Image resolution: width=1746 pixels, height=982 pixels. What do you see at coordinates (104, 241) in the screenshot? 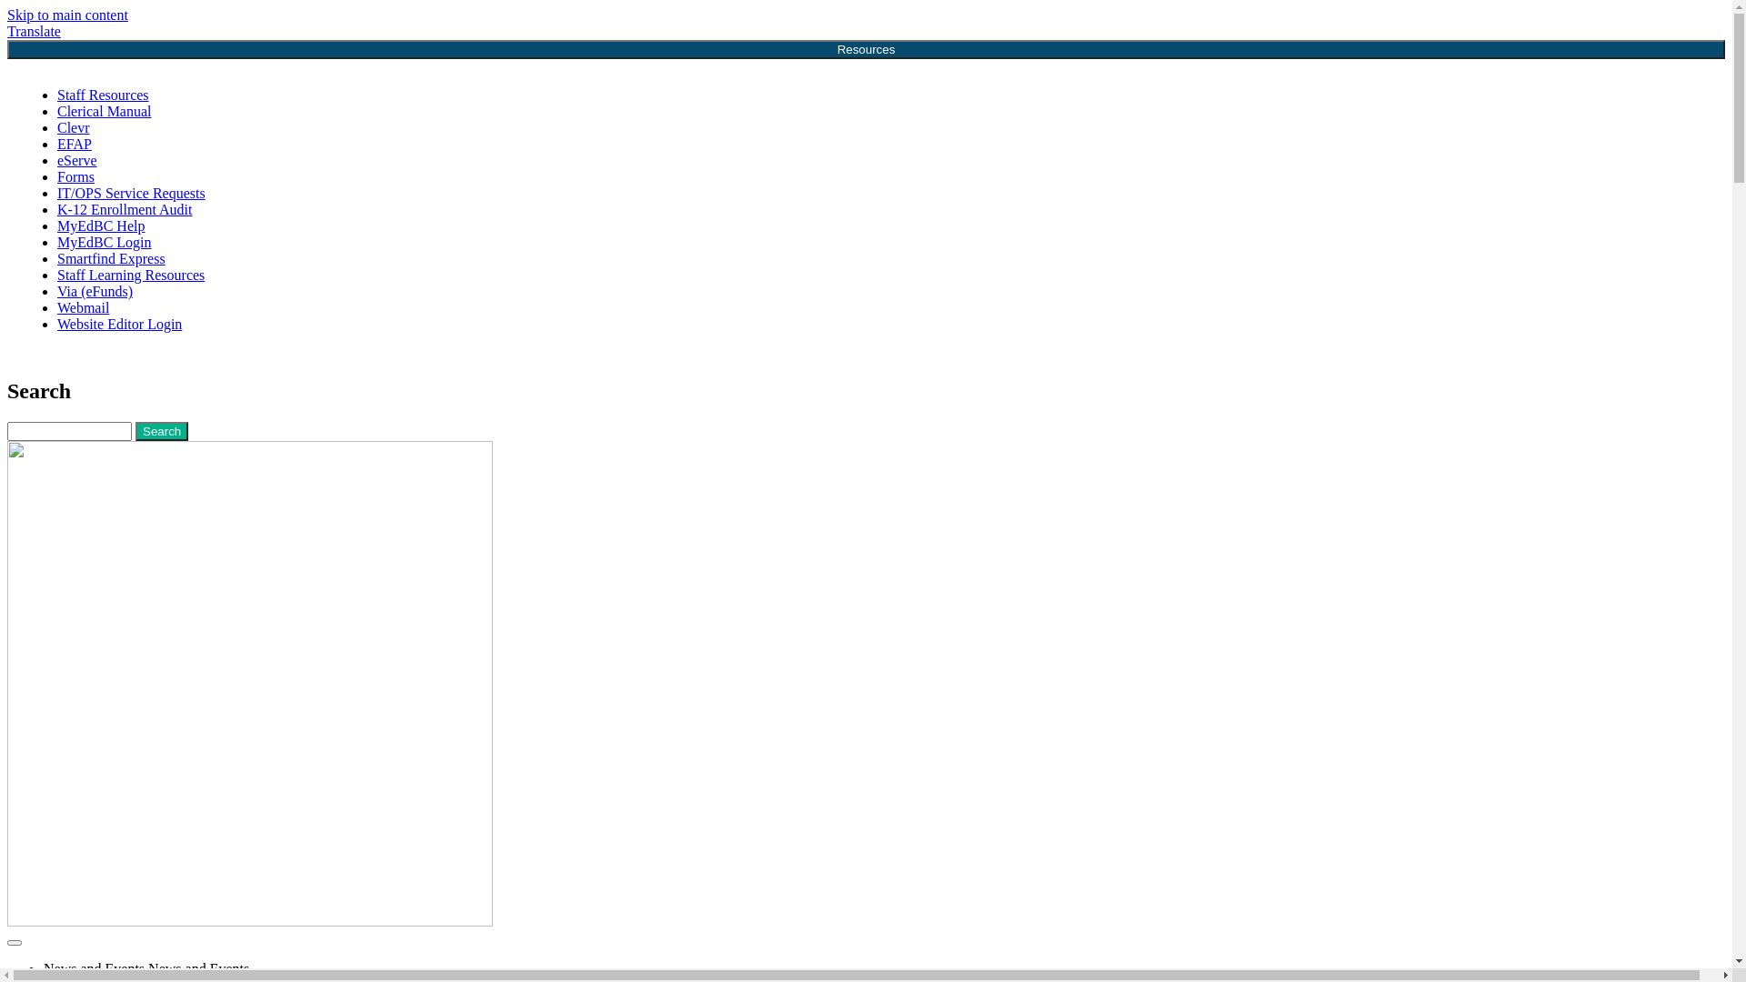
I see `'MyEdBC Login'` at bounding box center [104, 241].